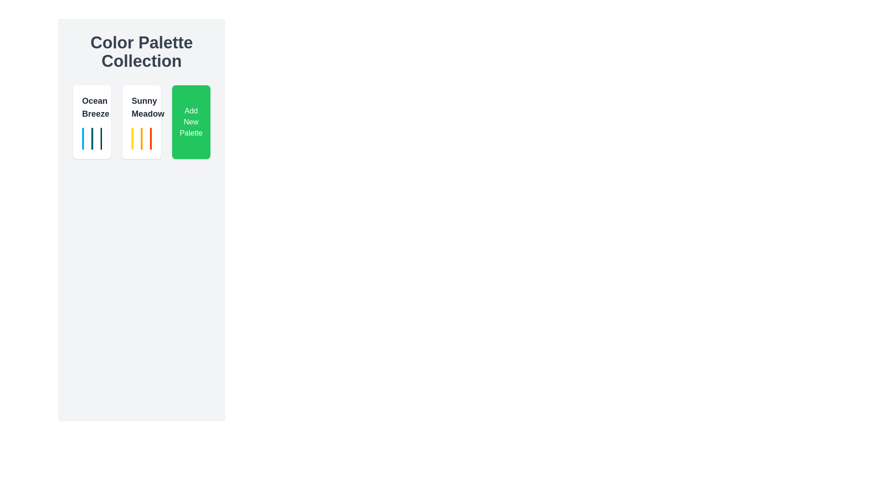 This screenshot has height=498, width=886. What do you see at coordinates (185, 122) in the screenshot?
I see `the center of the circular icon with a '+' symbol, located within the green card titled 'Add New Palette'` at bounding box center [185, 122].